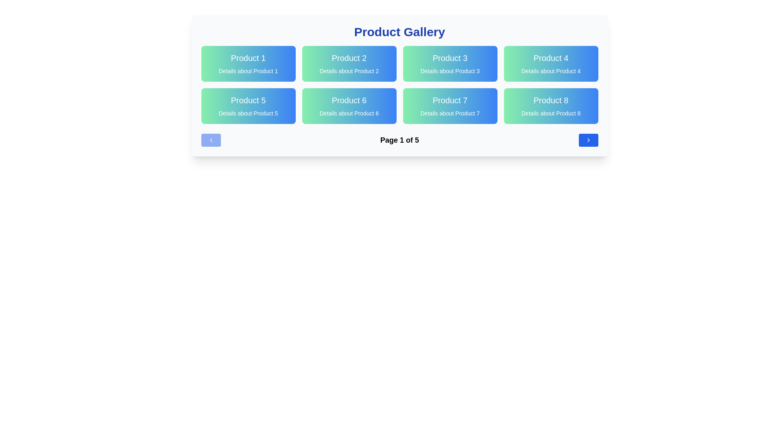  What do you see at coordinates (399, 139) in the screenshot?
I see `the static text element indicating the current page number and total pages, which is centrally located within the navigation bar at the bottom of the content area` at bounding box center [399, 139].